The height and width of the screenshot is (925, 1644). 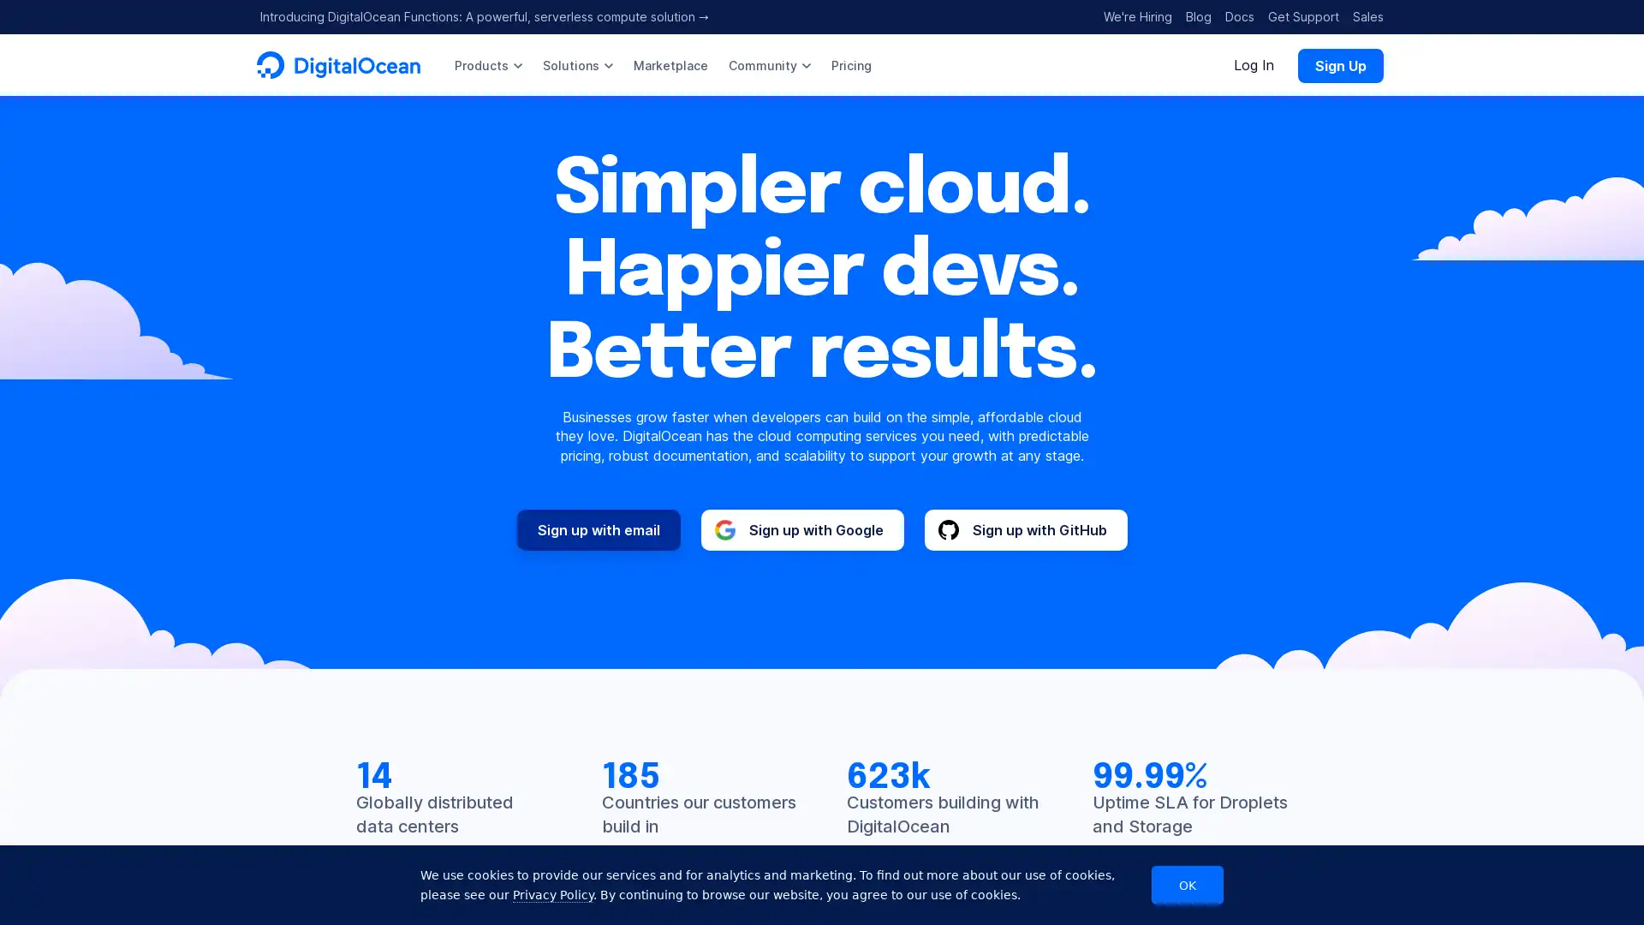 What do you see at coordinates (1187, 885) in the screenshot?
I see `OK` at bounding box center [1187, 885].